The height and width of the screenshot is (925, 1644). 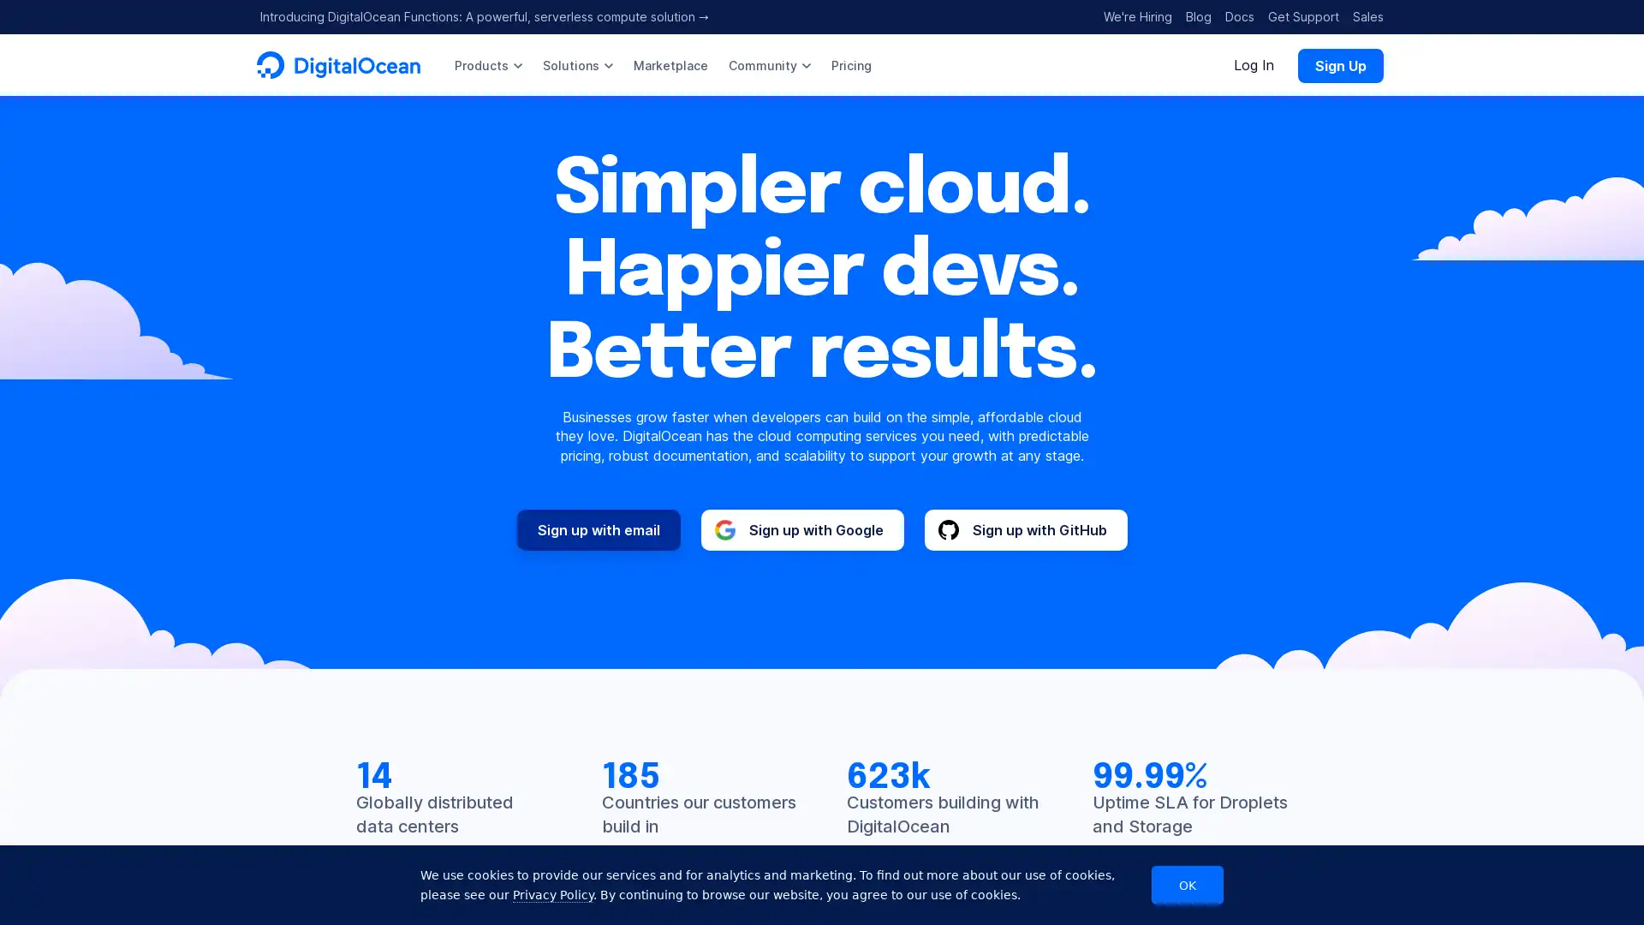 What do you see at coordinates (1187, 885) in the screenshot?
I see `OK` at bounding box center [1187, 885].